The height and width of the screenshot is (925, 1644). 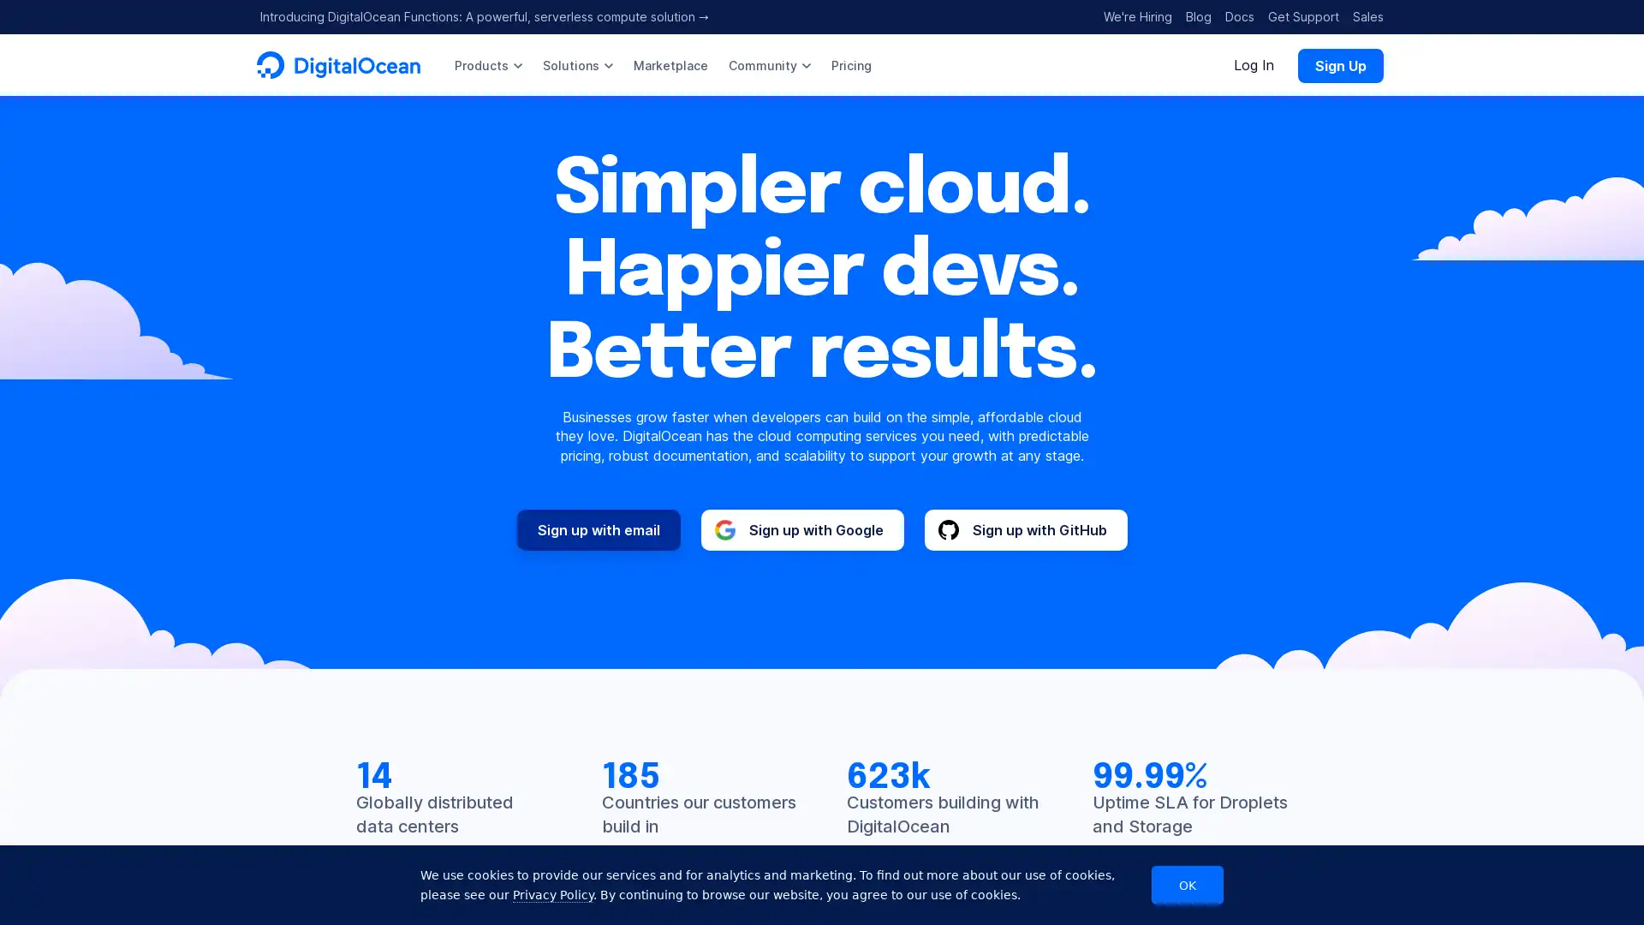 What do you see at coordinates (1187, 885) in the screenshot?
I see `OK` at bounding box center [1187, 885].